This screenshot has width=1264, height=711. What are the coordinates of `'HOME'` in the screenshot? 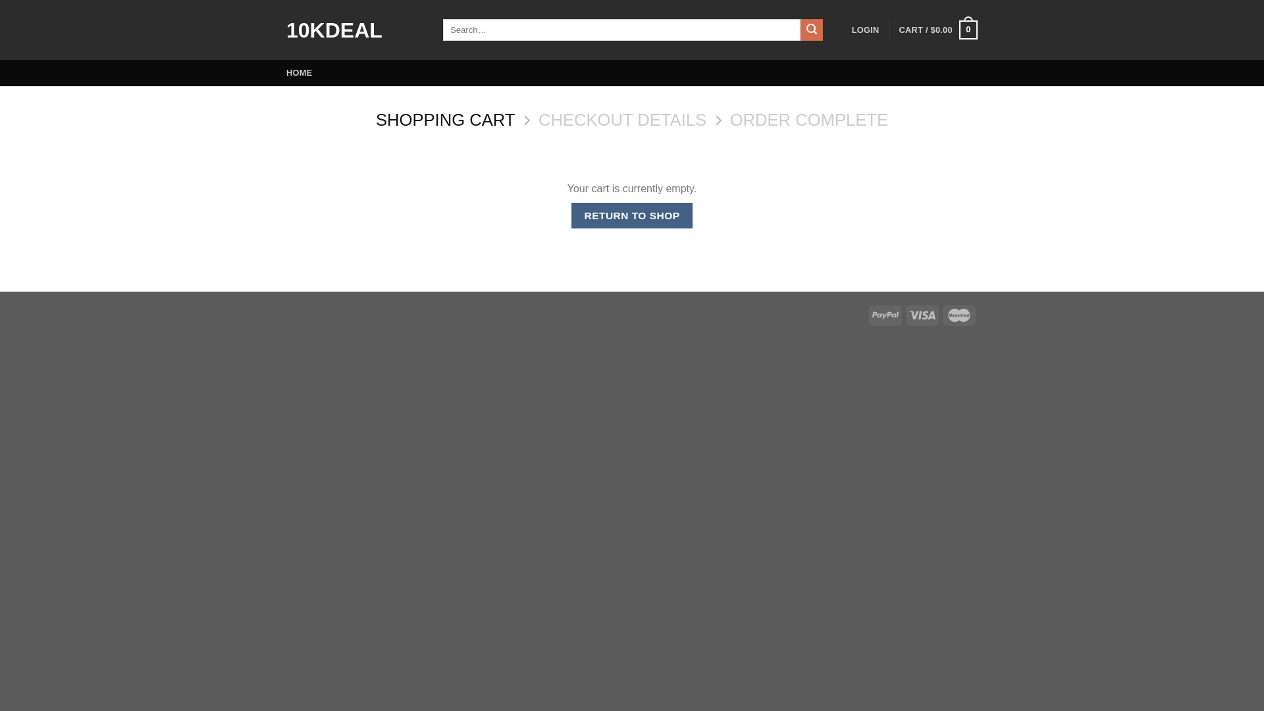 It's located at (298, 73).